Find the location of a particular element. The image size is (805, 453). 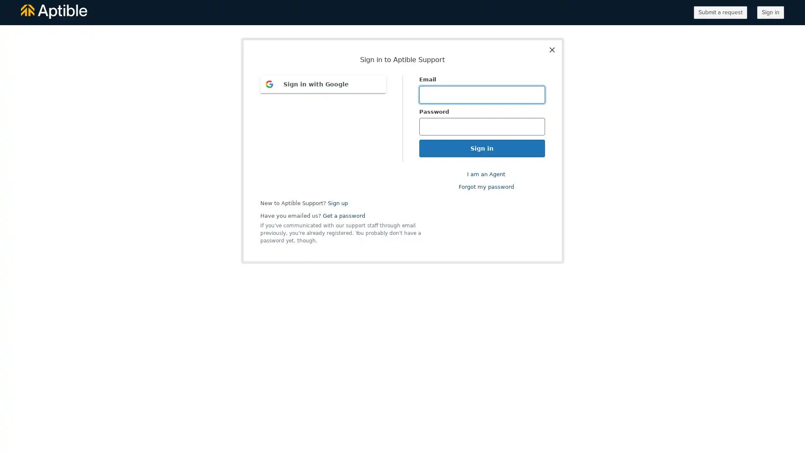

Submit a request is located at coordinates (720, 13).